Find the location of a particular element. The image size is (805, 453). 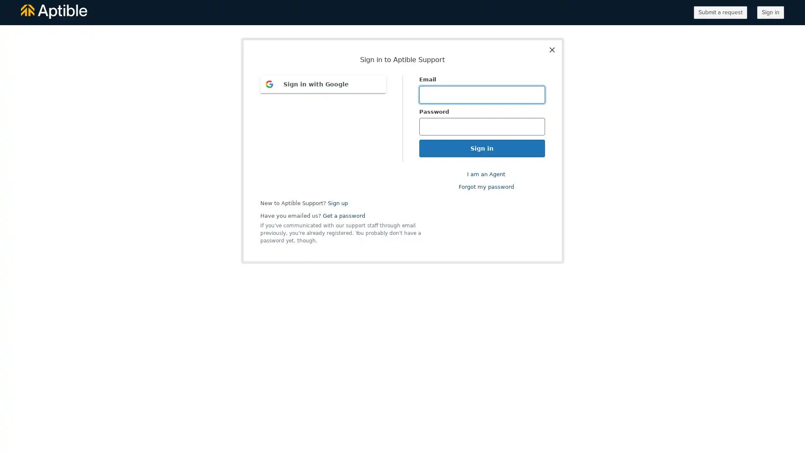

Submit a request is located at coordinates (720, 13).